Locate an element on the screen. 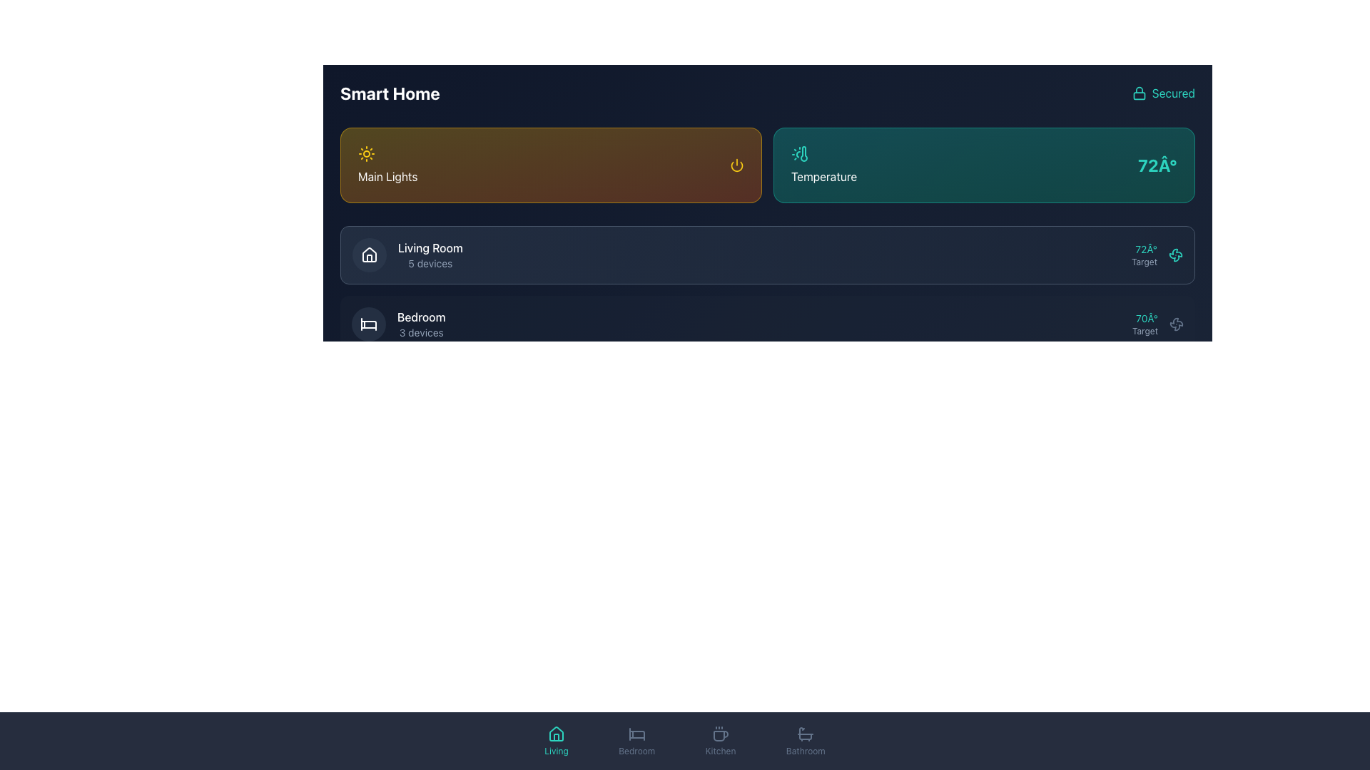 Image resolution: width=1370 pixels, height=770 pixels. the coffee cup icon in the bottom menu bar, which is the third slot from the left is located at coordinates (721, 734).